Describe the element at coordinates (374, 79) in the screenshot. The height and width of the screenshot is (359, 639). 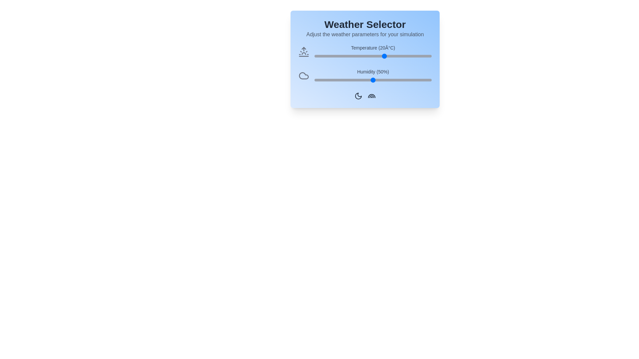
I see `the humidity slider to 51%` at that location.